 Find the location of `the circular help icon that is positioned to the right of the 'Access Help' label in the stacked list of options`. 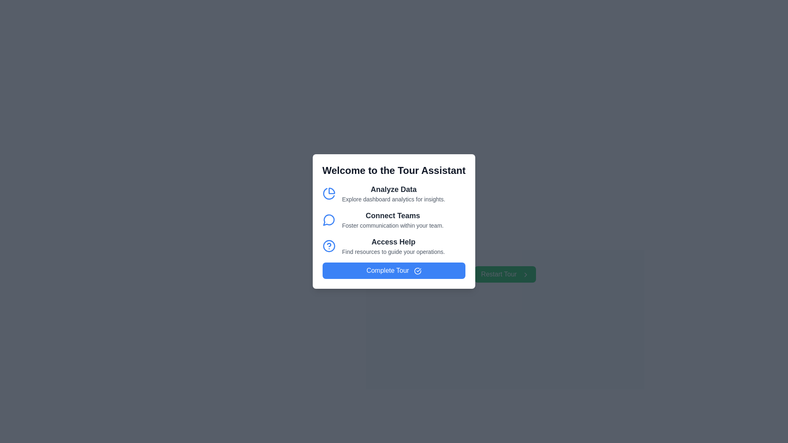

the circular help icon that is positioned to the right of the 'Access Help' label in the stacked list of options is located at coordinates (329, 246).